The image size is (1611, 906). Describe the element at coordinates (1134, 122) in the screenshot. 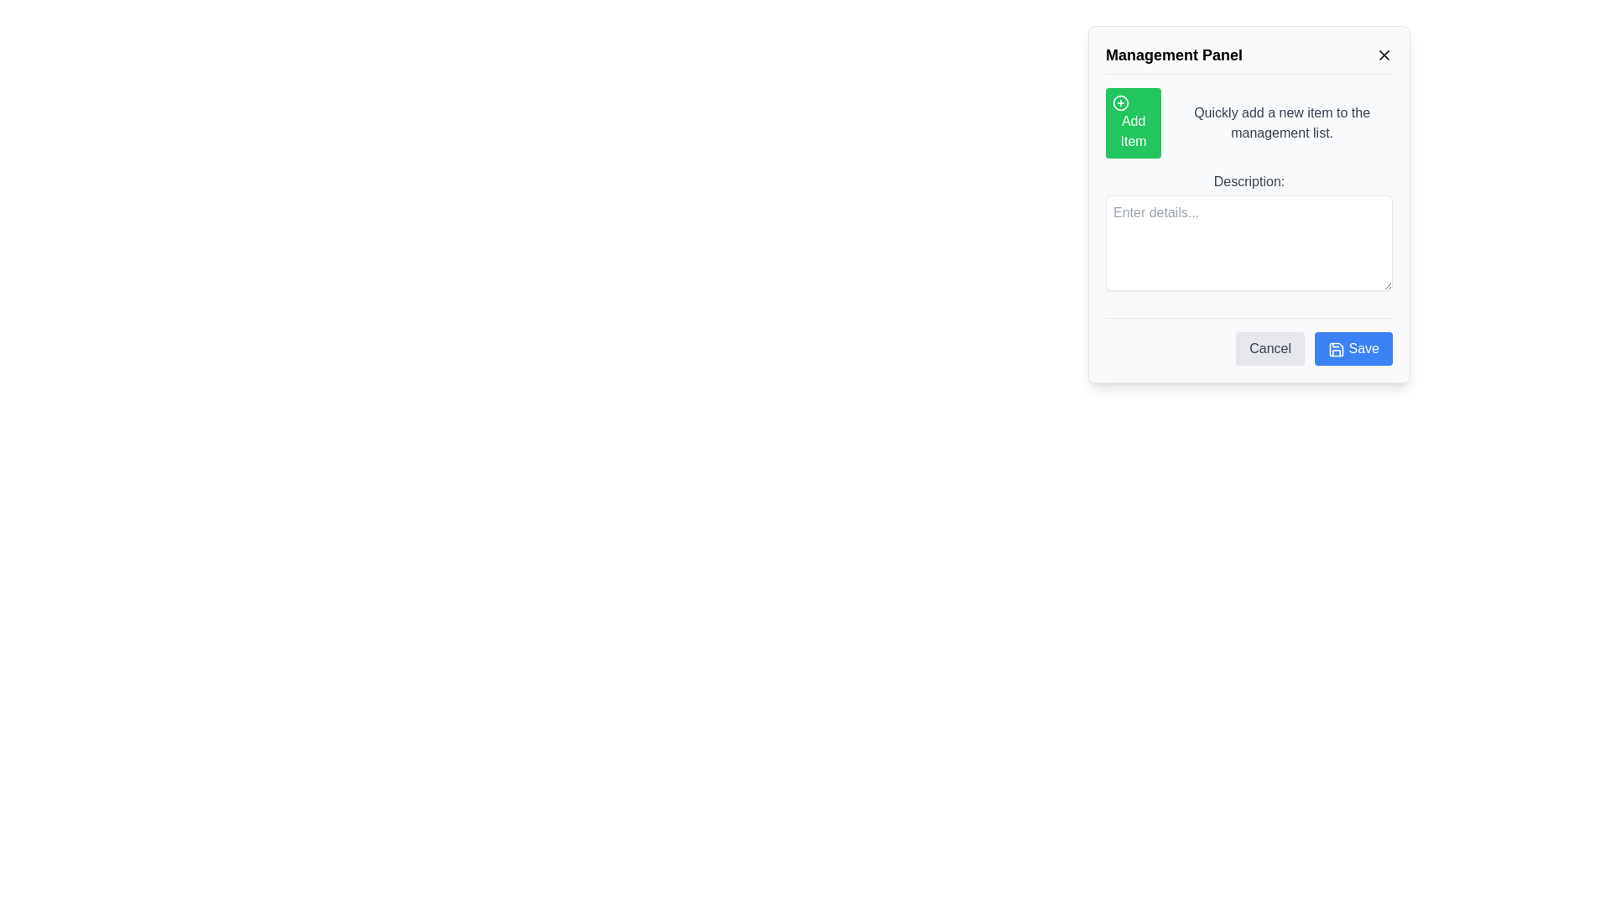

I see `the button located in the upper left section of the 'Management Panel' dialog box` at that location.